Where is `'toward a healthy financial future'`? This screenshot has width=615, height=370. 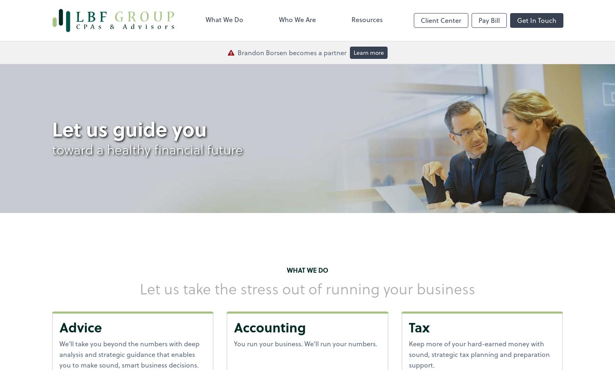 'toward a healthy financial future' is located at coordinates (147, 148).